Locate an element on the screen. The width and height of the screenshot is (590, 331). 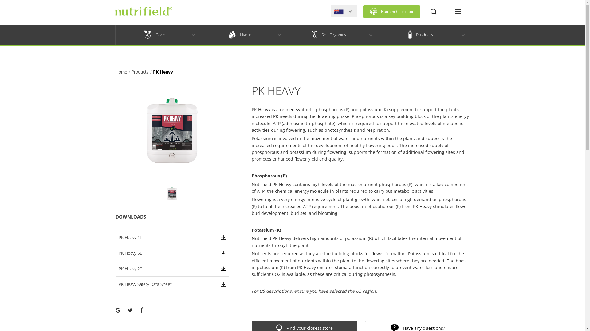
'Nutrient Calculator' is located at coordinates (391, 12).